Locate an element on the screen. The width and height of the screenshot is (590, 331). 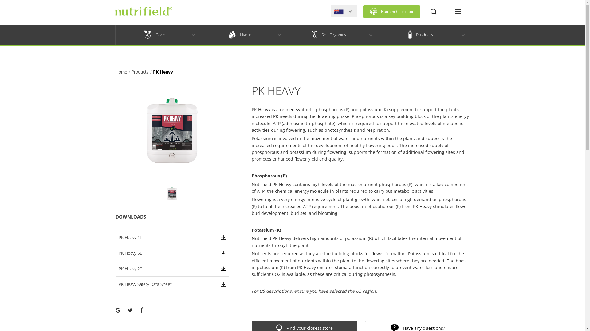
'Nutrient Calculator' is located at coordinates (391, 12).